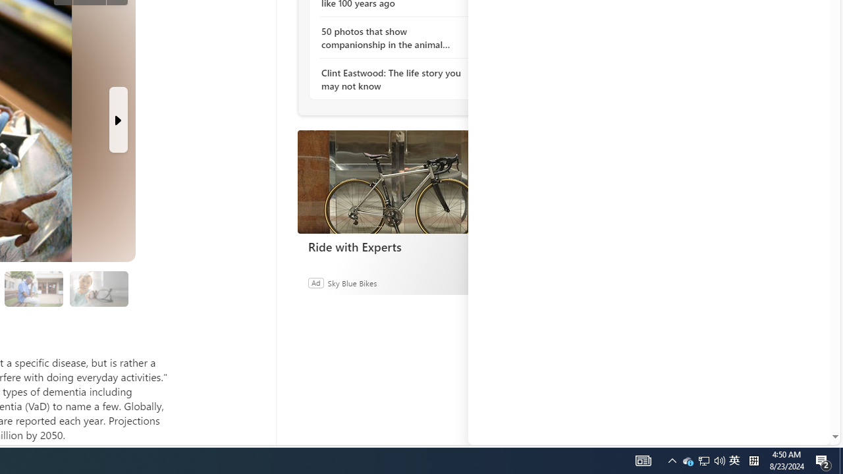 The height and width of the screenshot is (474, 843). I want to click on 'Misplacing things and losing the ability to retrace steps', so click(98, 288).